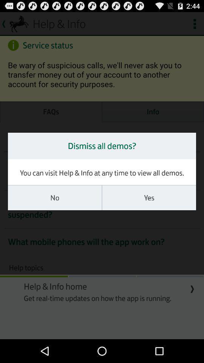  Describe the element at coordinates (149, 197) in the screenshot. I see `the yes icon` at that location.